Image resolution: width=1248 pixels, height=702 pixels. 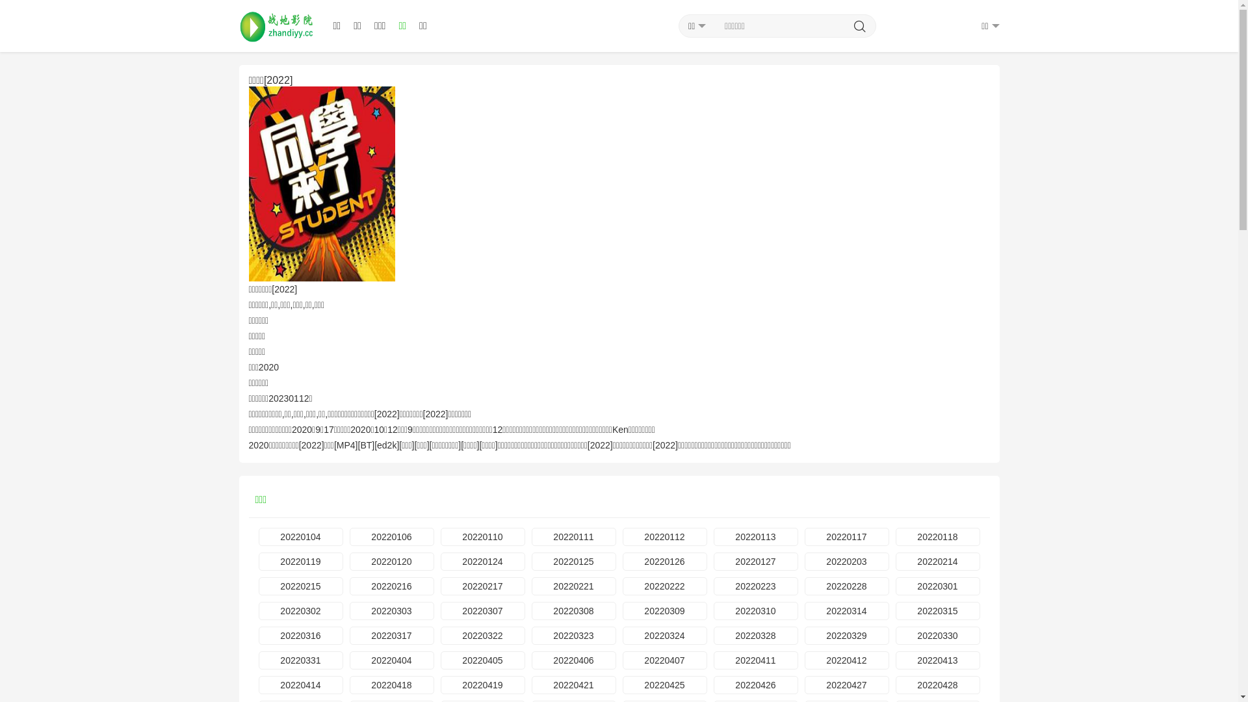 What do you see at coordinates (391, 586) in the screenshot?
I see `'20220216'` at bounding box center [391, 586].